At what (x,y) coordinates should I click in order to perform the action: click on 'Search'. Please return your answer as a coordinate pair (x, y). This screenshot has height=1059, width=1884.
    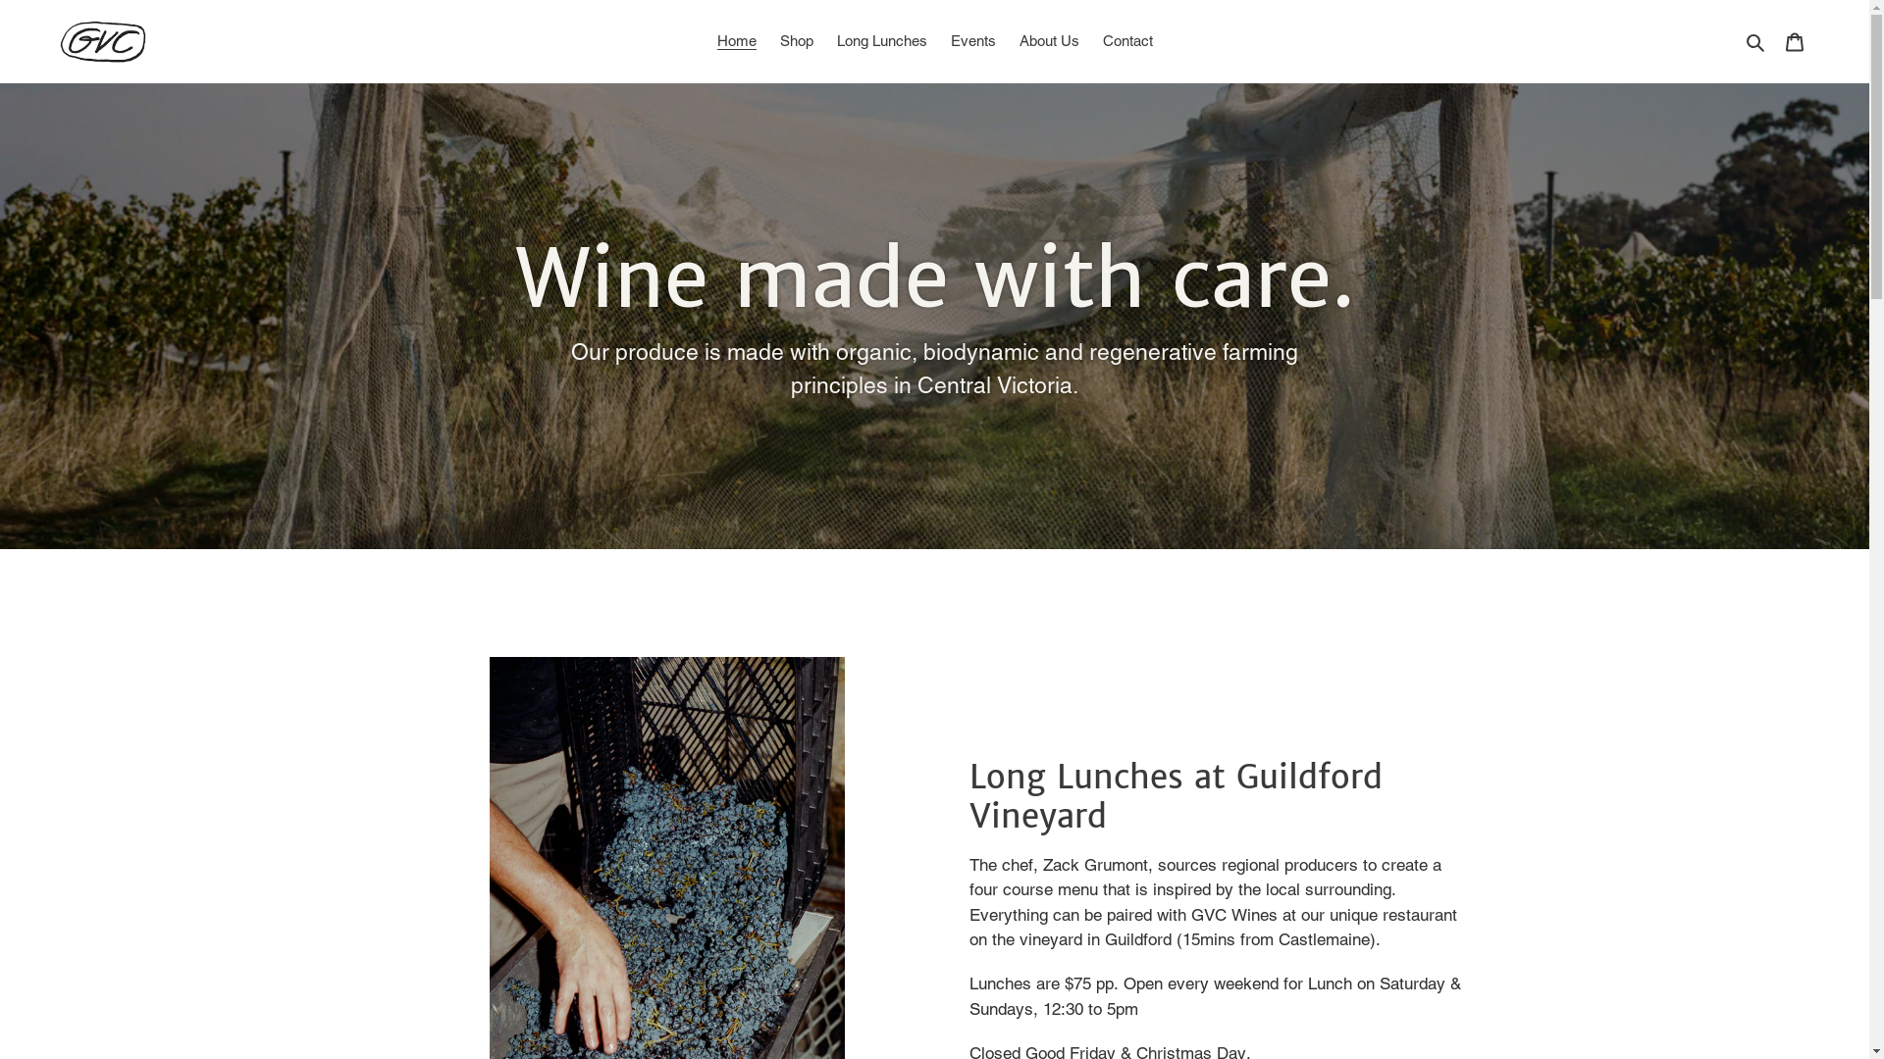
    Looking at the image, I should click on (1756, 41).